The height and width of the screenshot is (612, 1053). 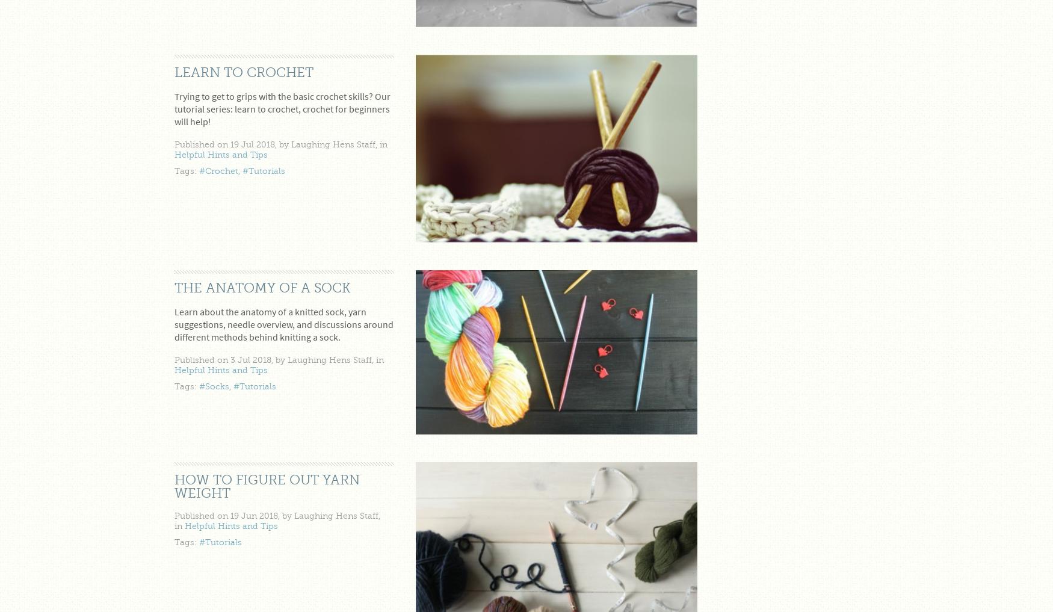 I want to click on 'Published on 3 Jul 2018, by Laughing Hens Staff, in', so click(x=279, y=359).